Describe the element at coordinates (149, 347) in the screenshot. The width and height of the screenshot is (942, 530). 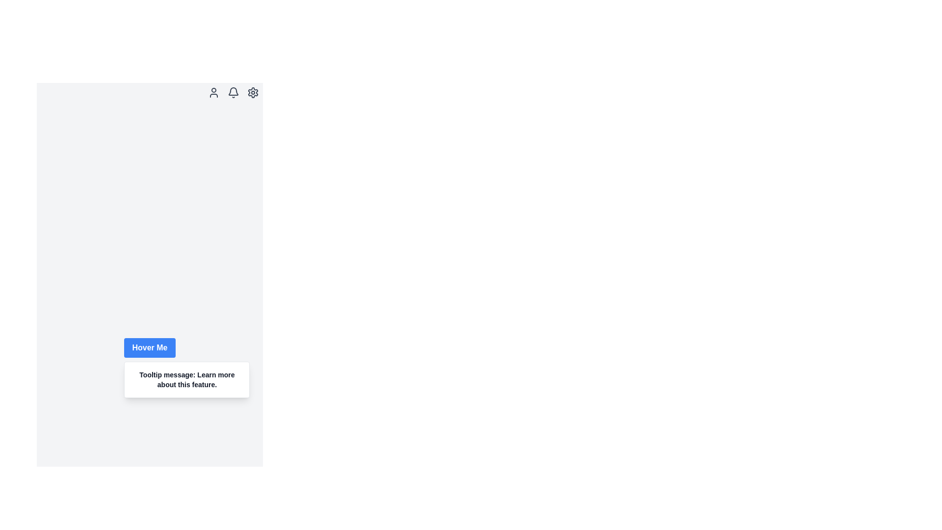
I see `the rectangular button with a blue background and white text that reads 'Hover Me', located in the bottom-left portion of the gray background interface` at that location.